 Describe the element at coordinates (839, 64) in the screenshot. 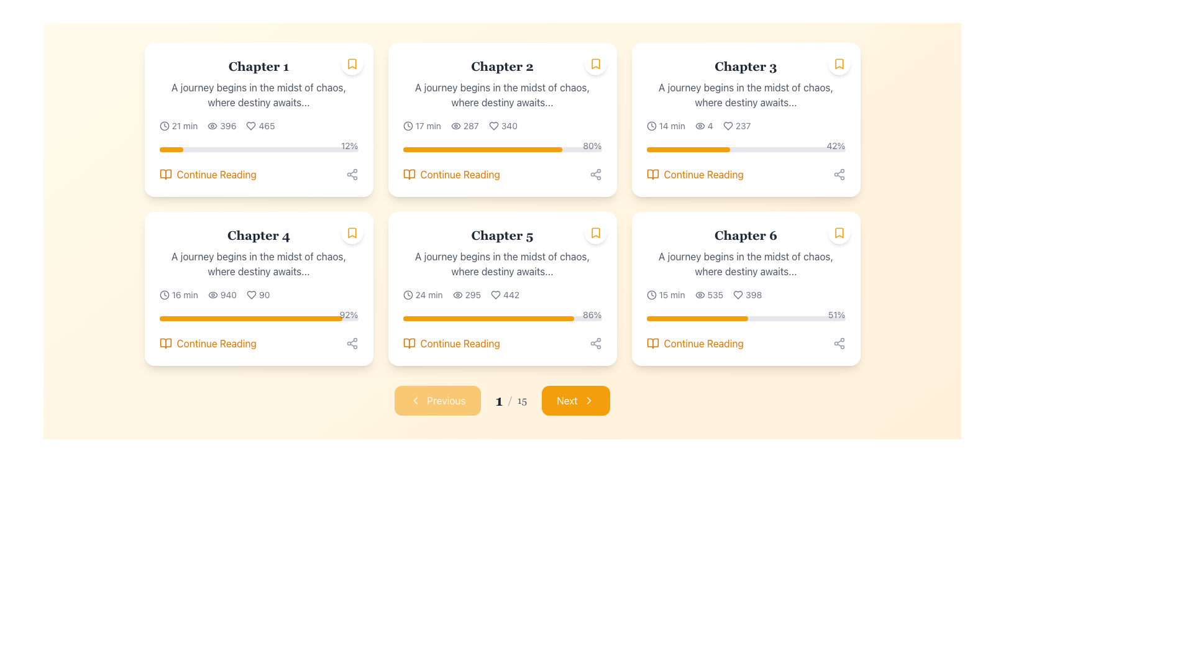

I see `the bookmark icon in the top-right corner of the card for 'Chapter 3'` at that location.